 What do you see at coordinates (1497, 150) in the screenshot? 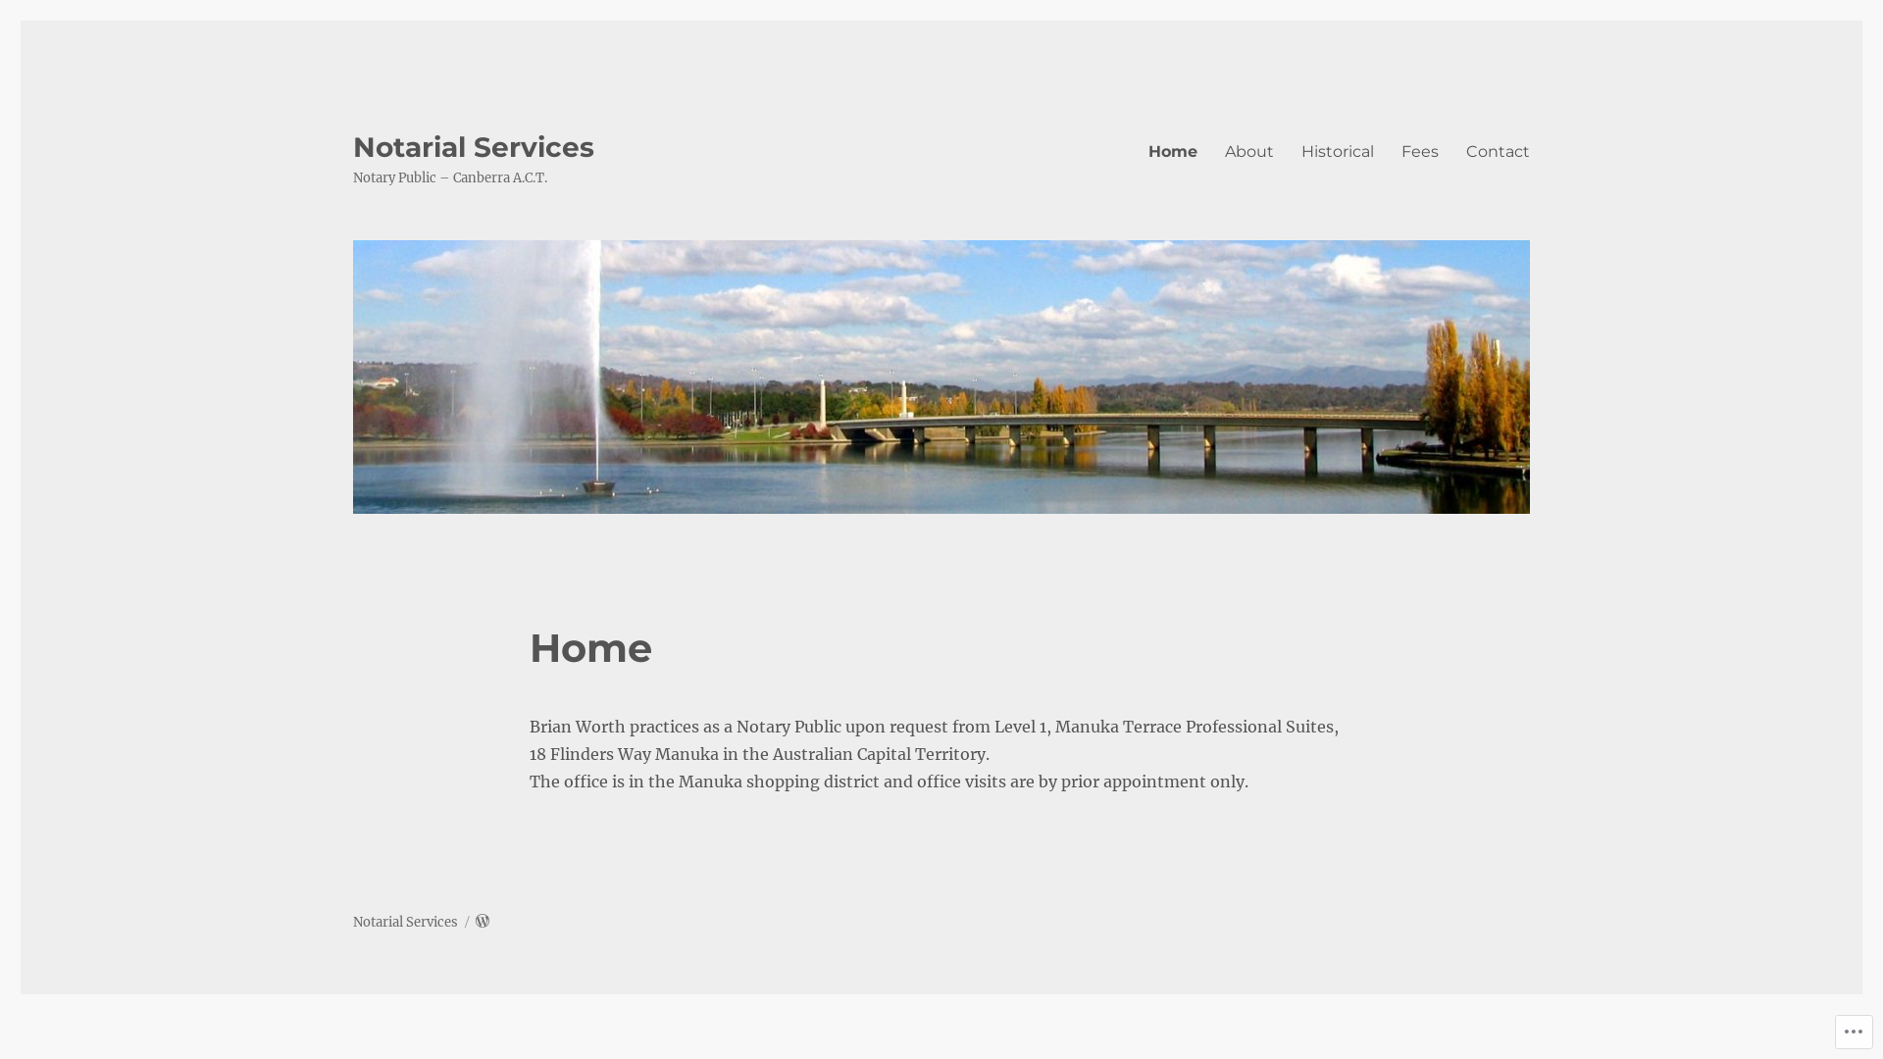
I see `'Contact'` at bounding box center [1497, 150].